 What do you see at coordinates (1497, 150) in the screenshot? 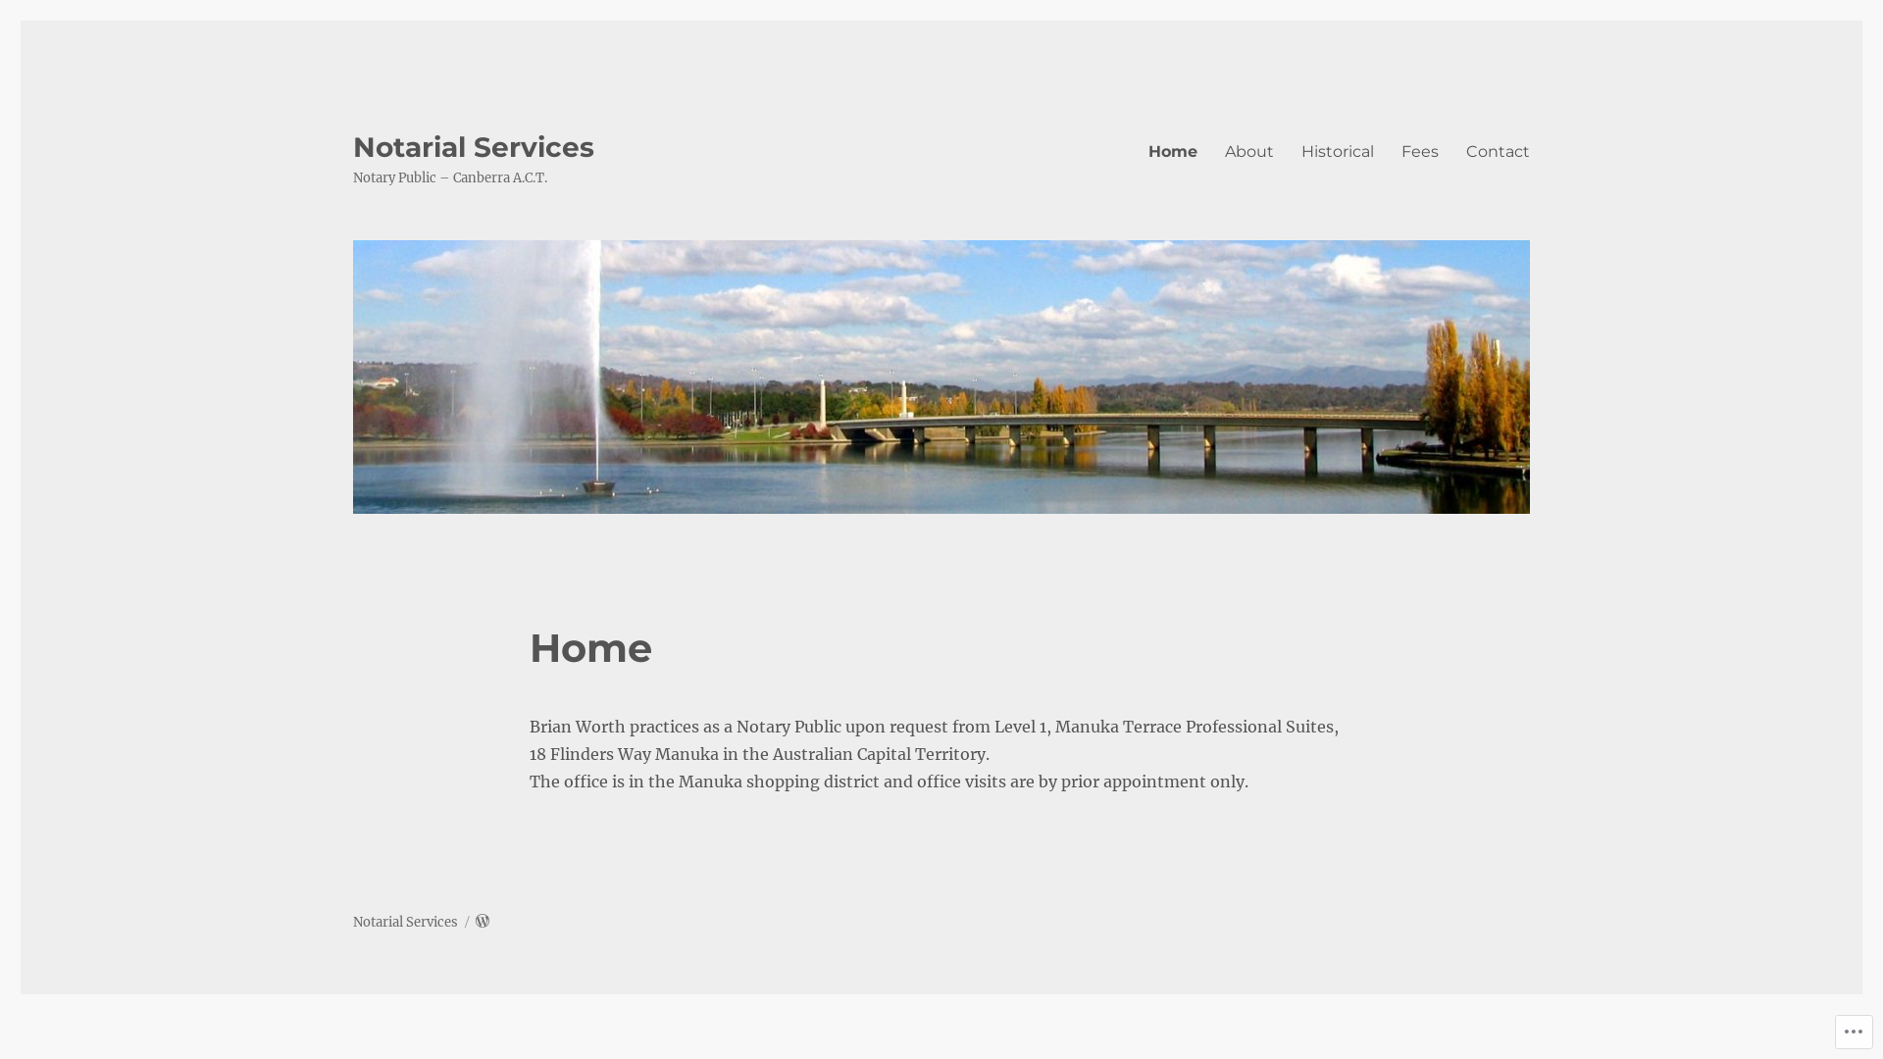
I see `'Contact'` at bounding box center [1497, 150].